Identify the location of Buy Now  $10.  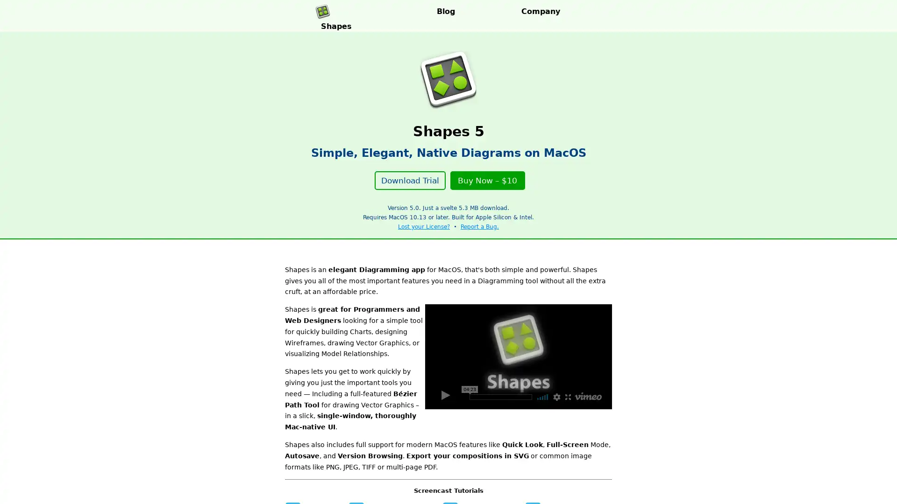
(486, 180).